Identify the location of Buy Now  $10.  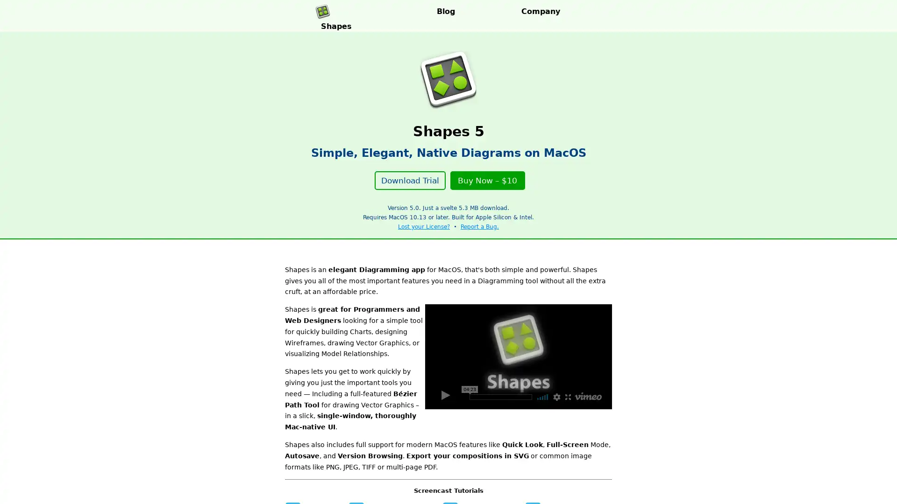
(486, 180).